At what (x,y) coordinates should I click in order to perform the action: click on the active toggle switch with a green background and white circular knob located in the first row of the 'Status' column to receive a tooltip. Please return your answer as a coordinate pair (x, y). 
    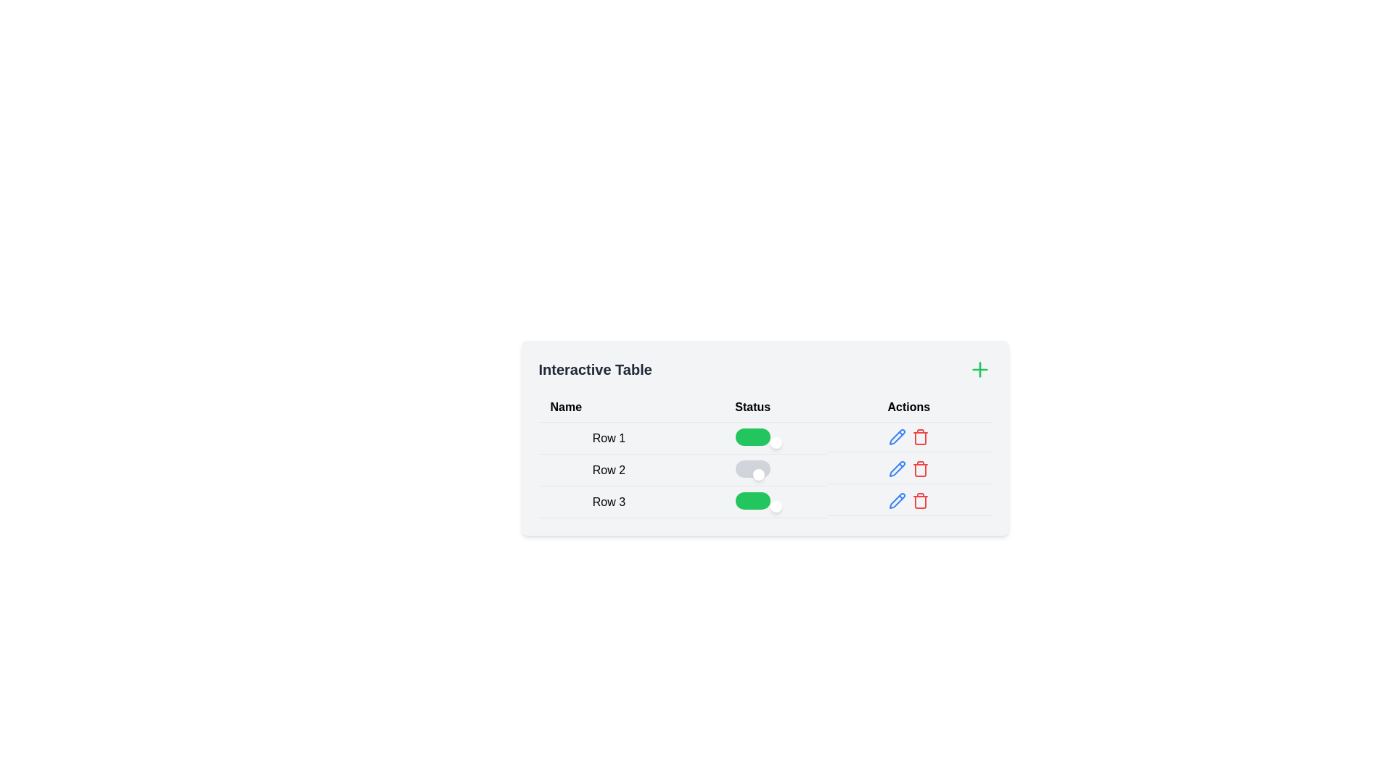
    Looking at the image, I should click on (764, 437).